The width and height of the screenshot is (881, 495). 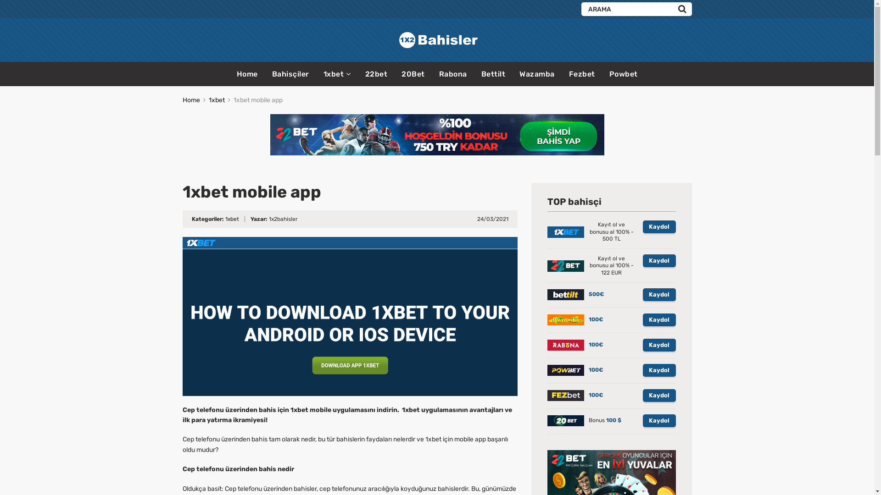 What do you see at coordinates (642, 395) in the screenshot?
I see `'Kaydol'` at bounding box center [642, 395].